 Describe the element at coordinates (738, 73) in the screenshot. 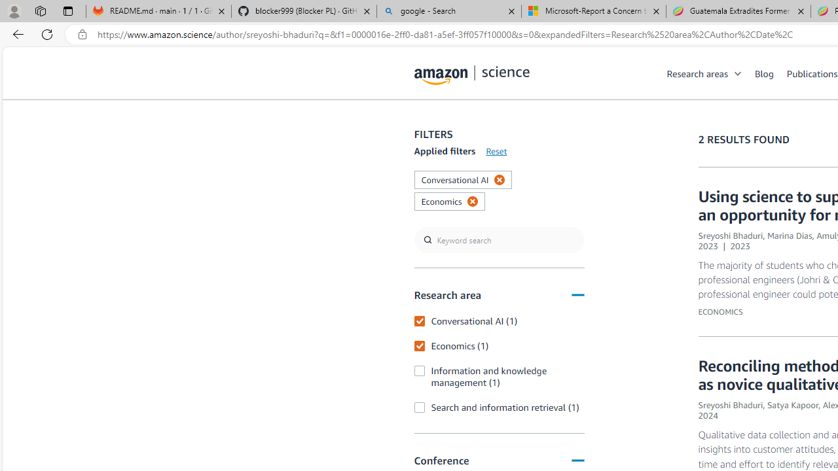

I see `'Open Sub Navigation'` at that location.